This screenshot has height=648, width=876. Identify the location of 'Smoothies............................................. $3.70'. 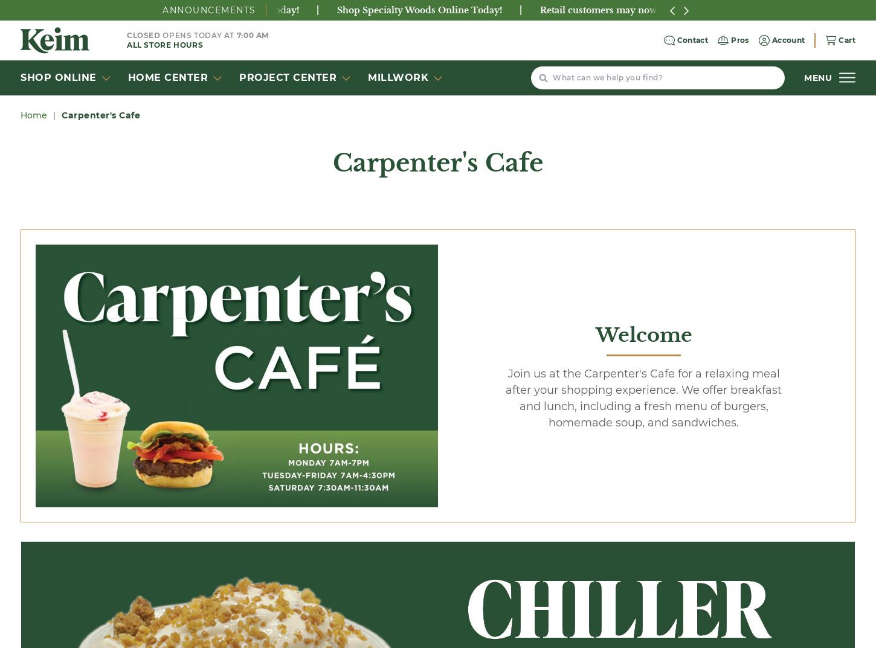
(313, 272).